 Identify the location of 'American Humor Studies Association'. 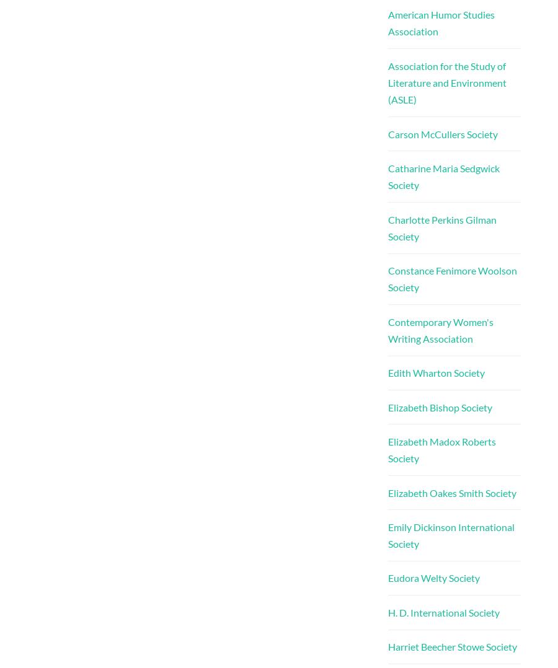
(440, 22).